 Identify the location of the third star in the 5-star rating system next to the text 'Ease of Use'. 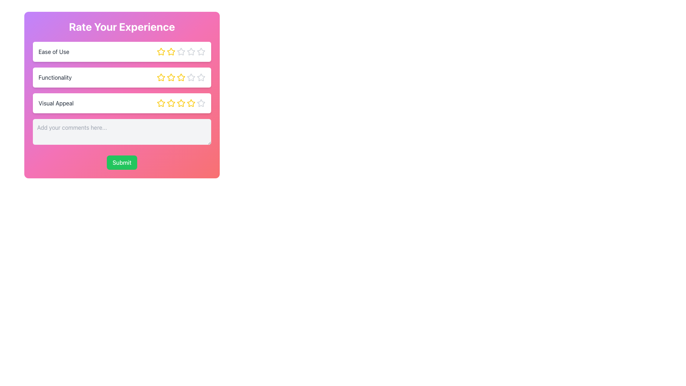
(181, 51).